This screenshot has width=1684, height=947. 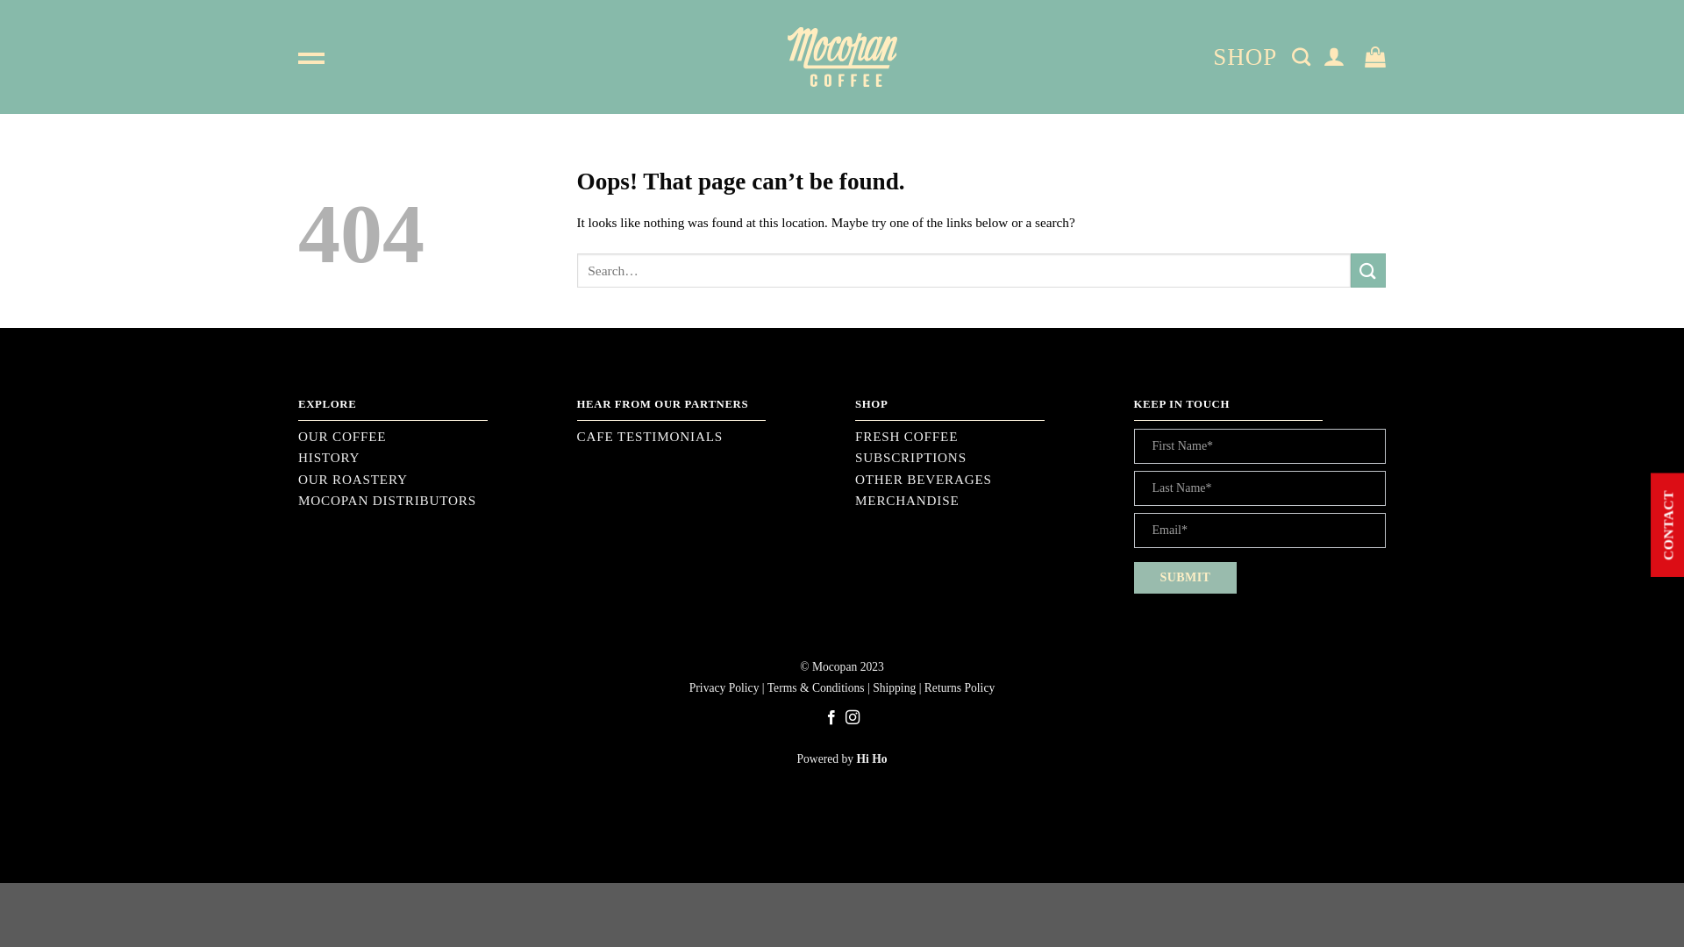 I want to click on 'Cart', so click(x=1374, y=56).